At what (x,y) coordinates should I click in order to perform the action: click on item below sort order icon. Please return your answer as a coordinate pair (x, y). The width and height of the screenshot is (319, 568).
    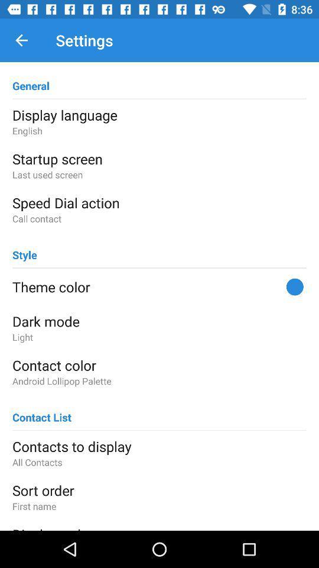
    Looking at the image, I should click on (159, 505).